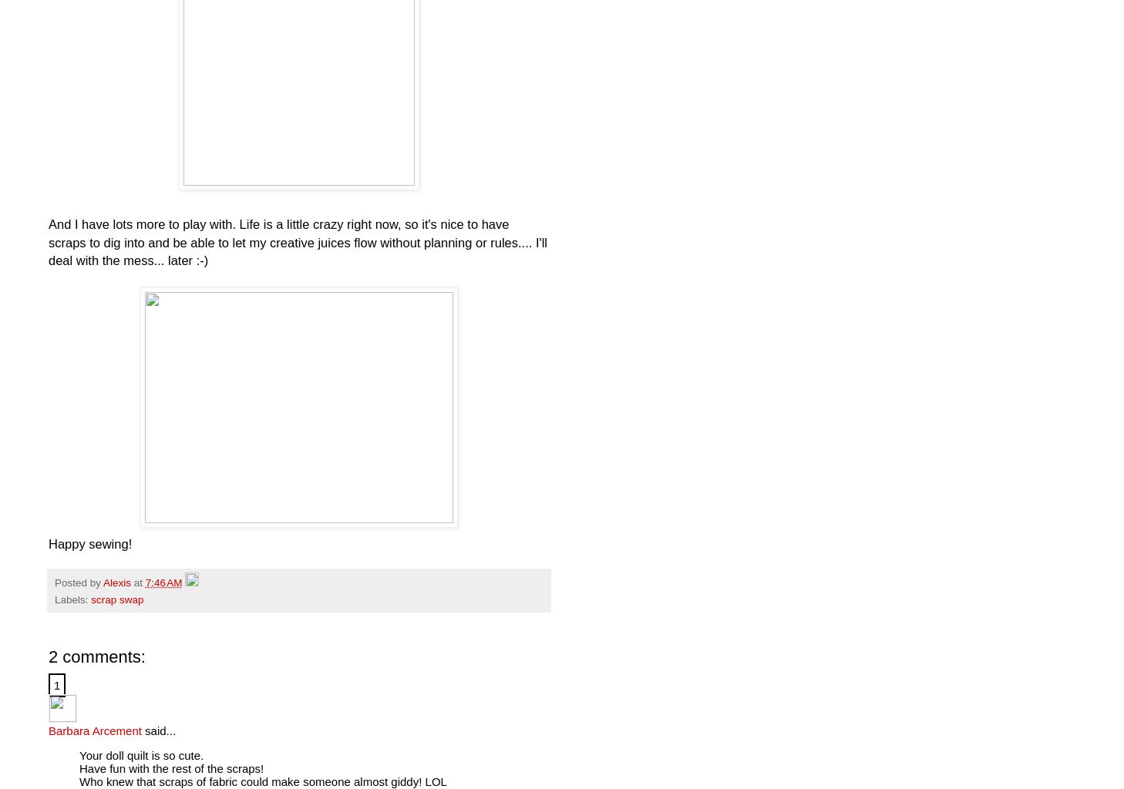 This screenshot has height=789, width=1124. Describe the element at coordinates (143, 581) in the screenshot. I see `'7:46 AM'` at that location.